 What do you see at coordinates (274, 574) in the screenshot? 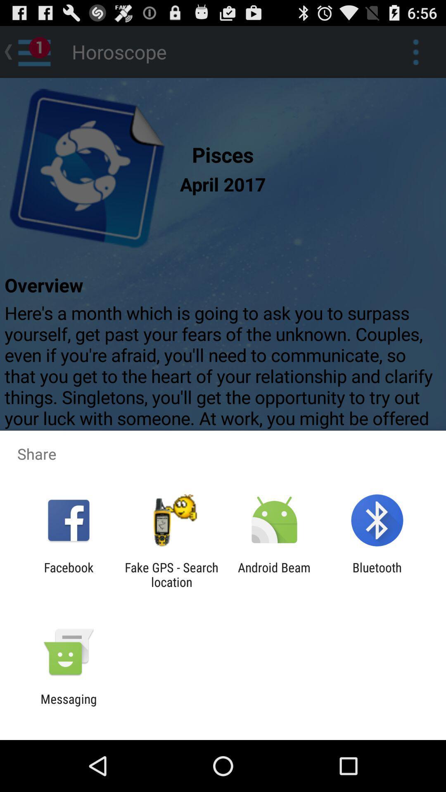
I see `app to the left of bluetooth item` at bounding box center [274, 574].